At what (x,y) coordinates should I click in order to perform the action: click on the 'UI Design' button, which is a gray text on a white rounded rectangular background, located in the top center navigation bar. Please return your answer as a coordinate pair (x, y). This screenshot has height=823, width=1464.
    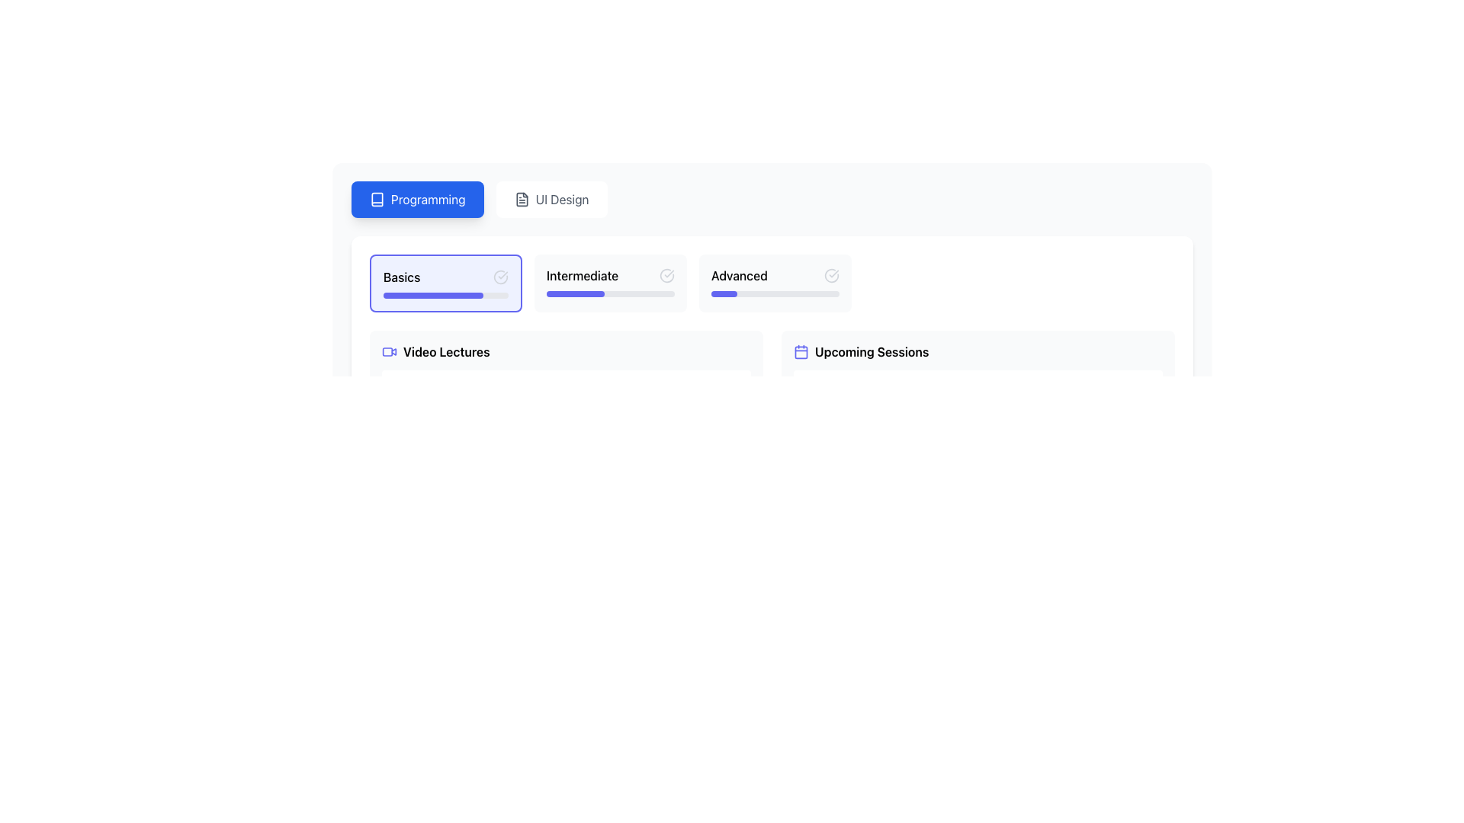
    Looking at the image, I should click on (561, 199).